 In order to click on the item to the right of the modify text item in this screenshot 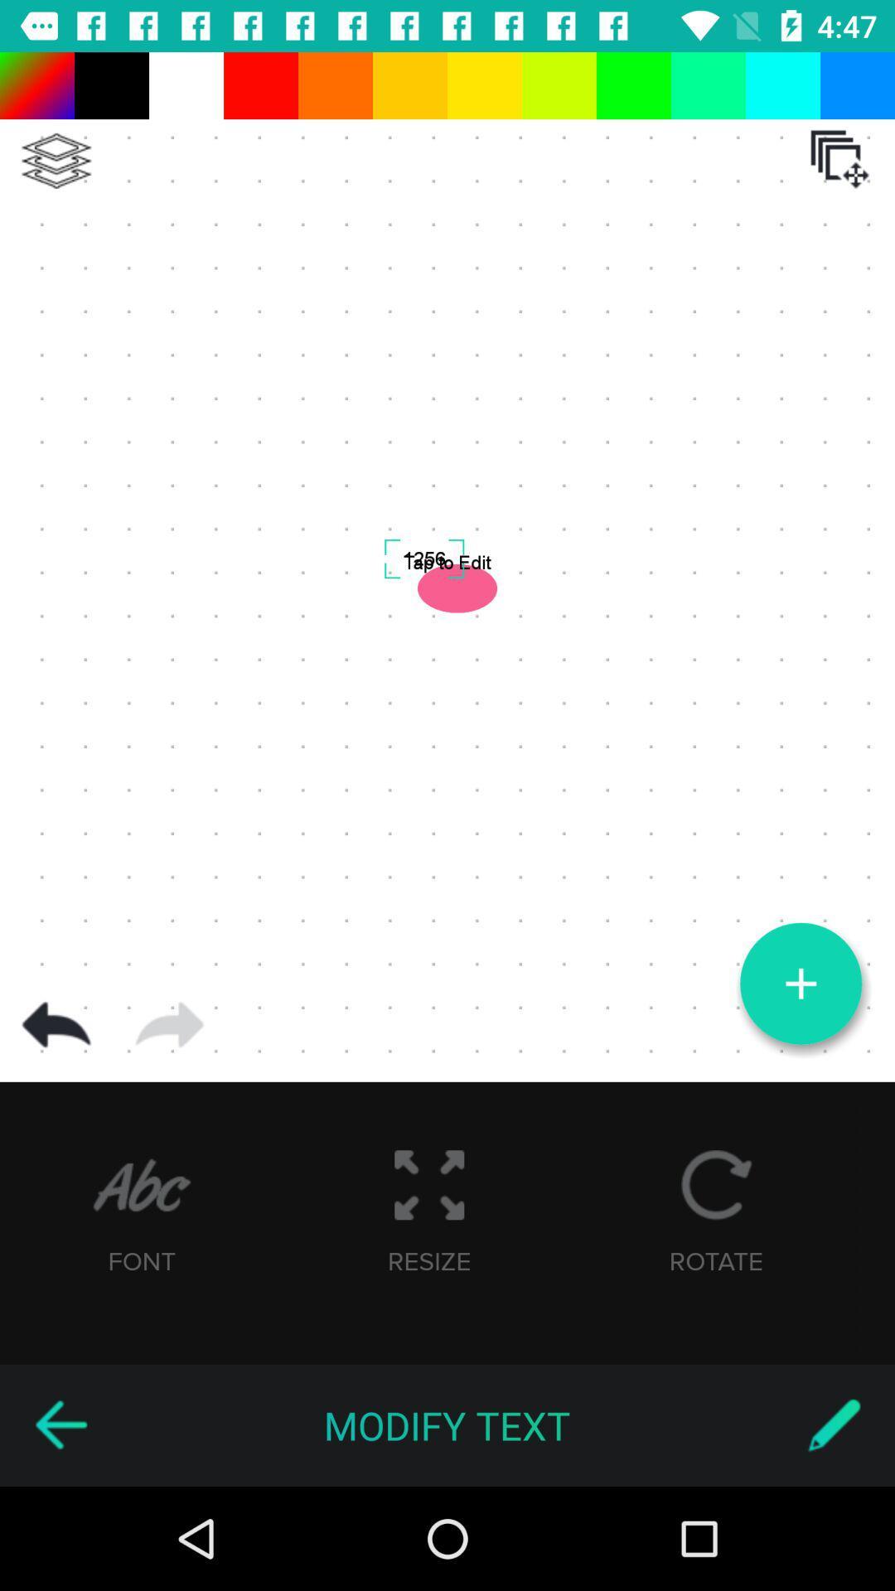, I will do `click(834, 1424)`.